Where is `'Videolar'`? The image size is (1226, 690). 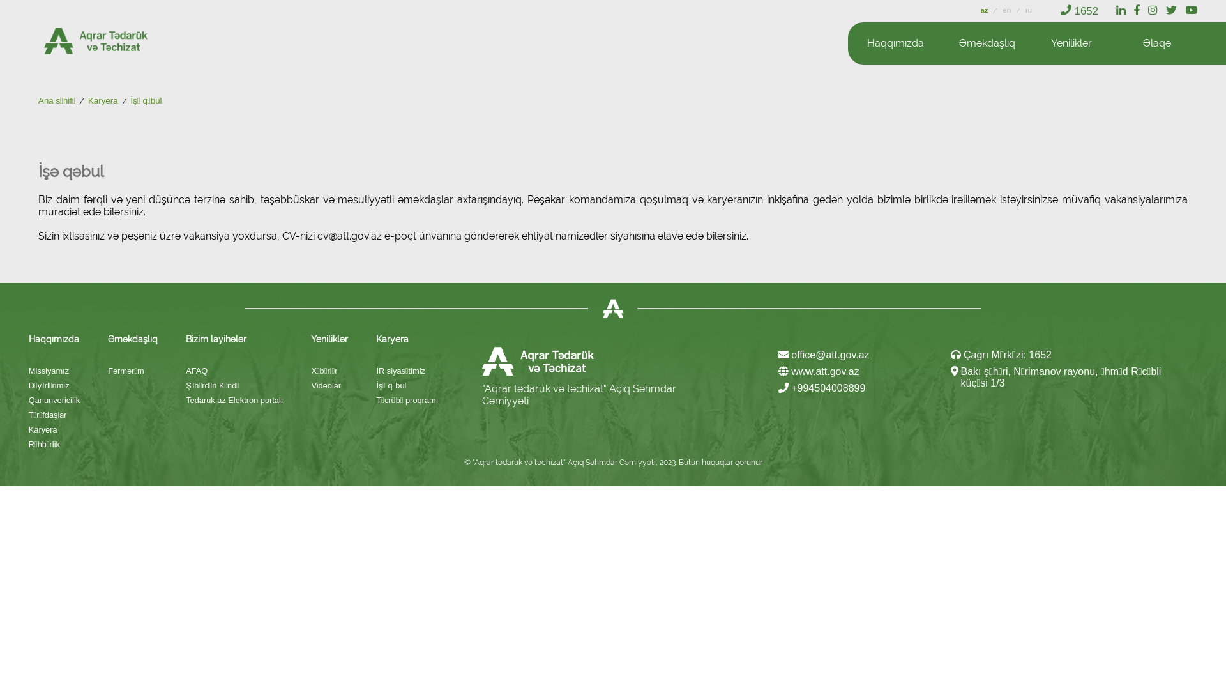 'Videolar' is located at coordinates (329, 385).